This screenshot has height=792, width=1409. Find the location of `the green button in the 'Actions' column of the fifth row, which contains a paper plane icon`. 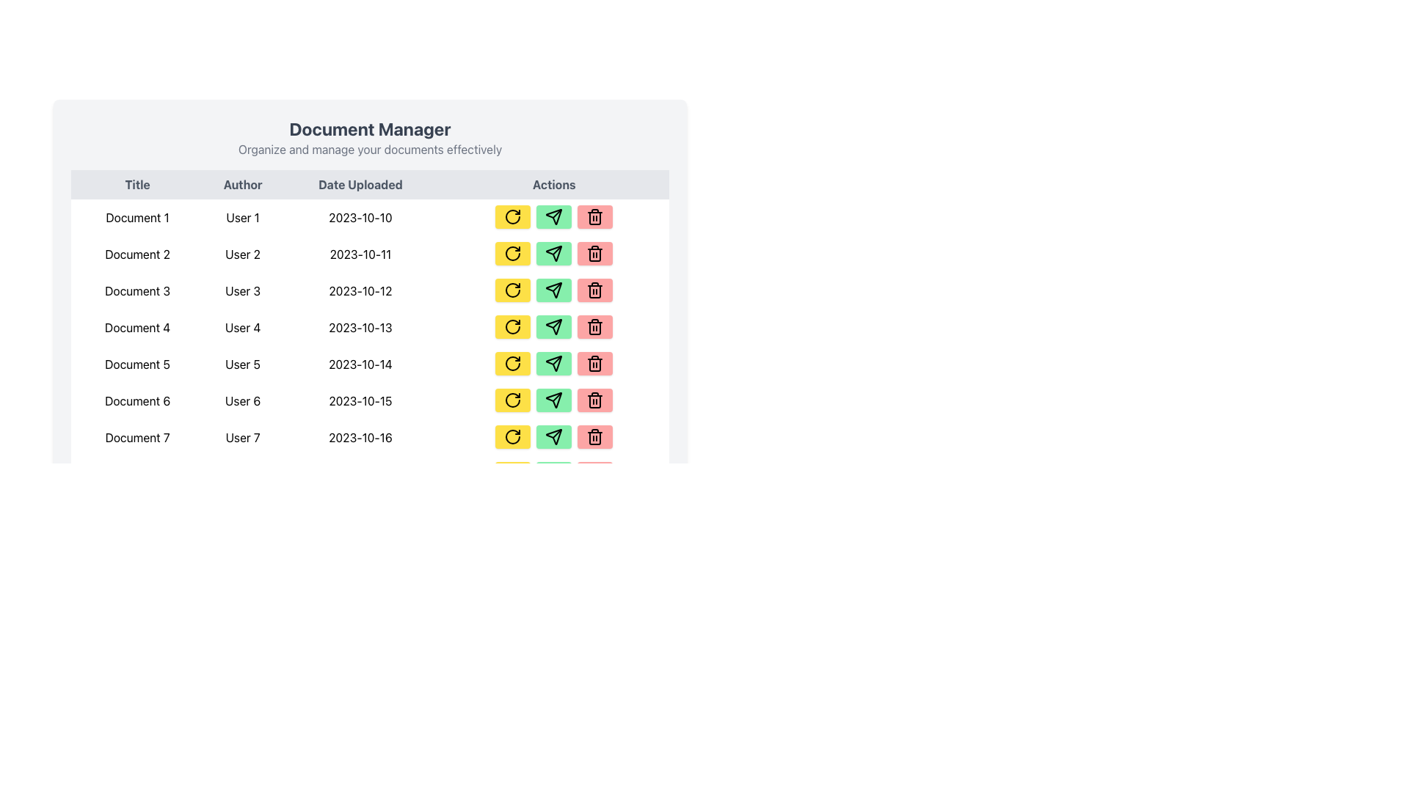

the green button in the 'Actions' column of the fifth row, which contains a paper plane icon is located at coordinates (556, 249).